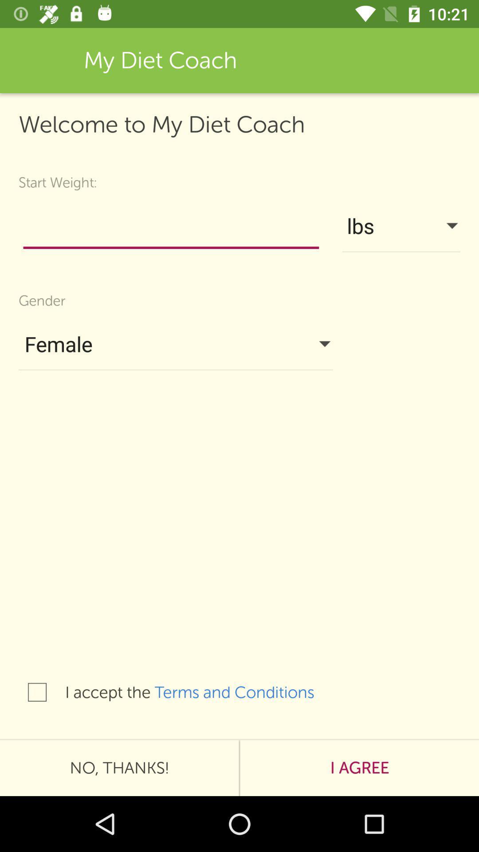 The width and height of the screenshot is (479, 852). Describe the element at coordinates (243, 692) in the screenshot. I see `icon to the right of i accept the  item` at that location.